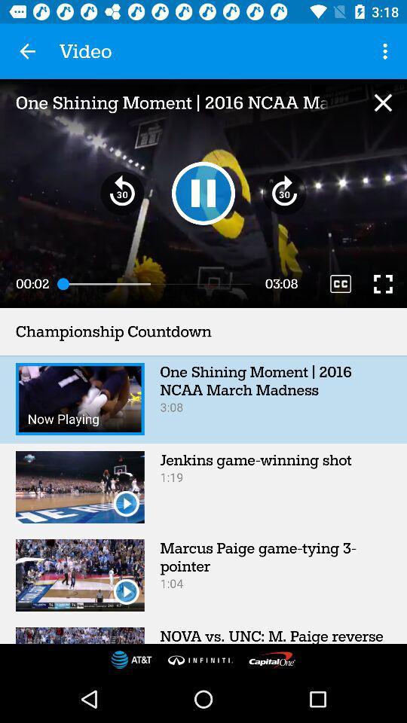  Describe the element at coordinates (27, 51) in the screenshot. I see `the item to the left of the video app` at that location.